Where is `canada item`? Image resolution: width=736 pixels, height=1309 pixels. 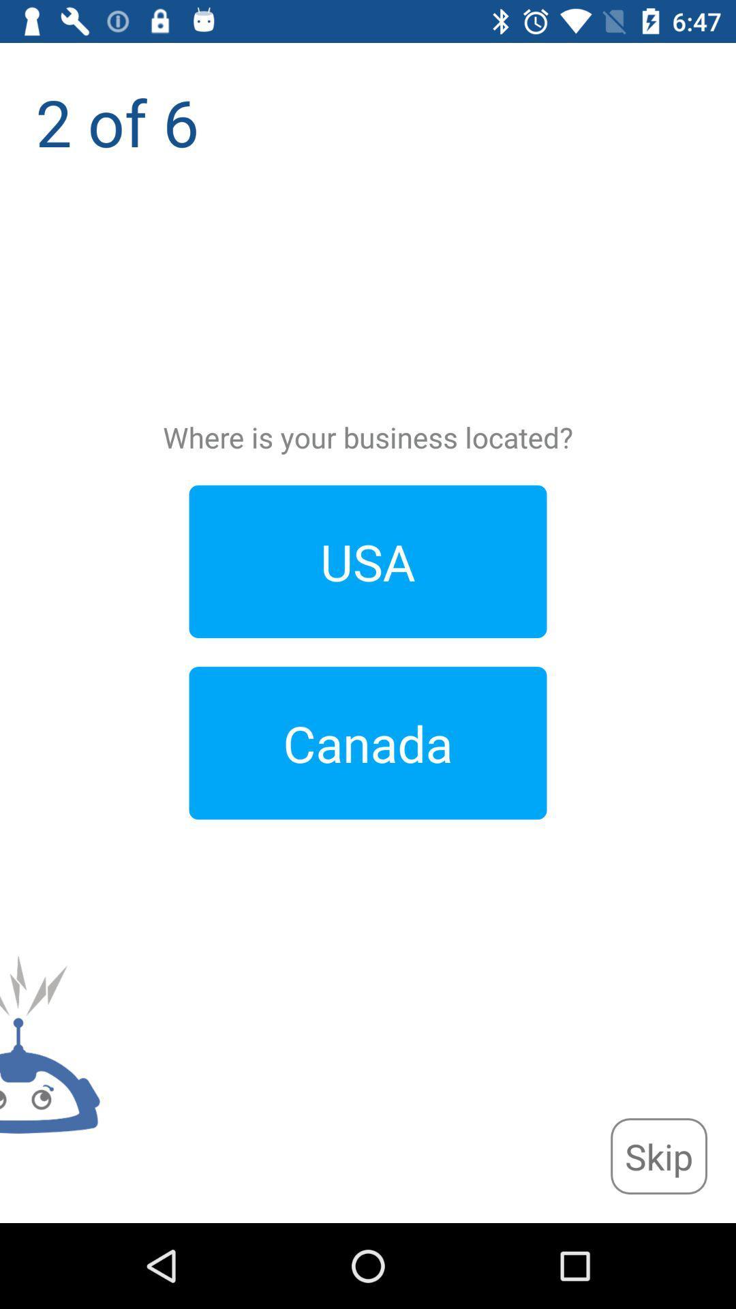 canada item is located at coordinates (368, 742).